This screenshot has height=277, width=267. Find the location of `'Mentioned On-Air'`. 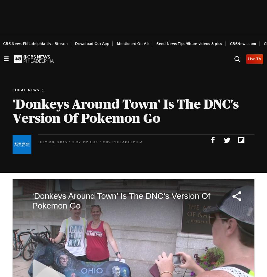

'Mentioned On-Air' is located at coordinates (133, 44).